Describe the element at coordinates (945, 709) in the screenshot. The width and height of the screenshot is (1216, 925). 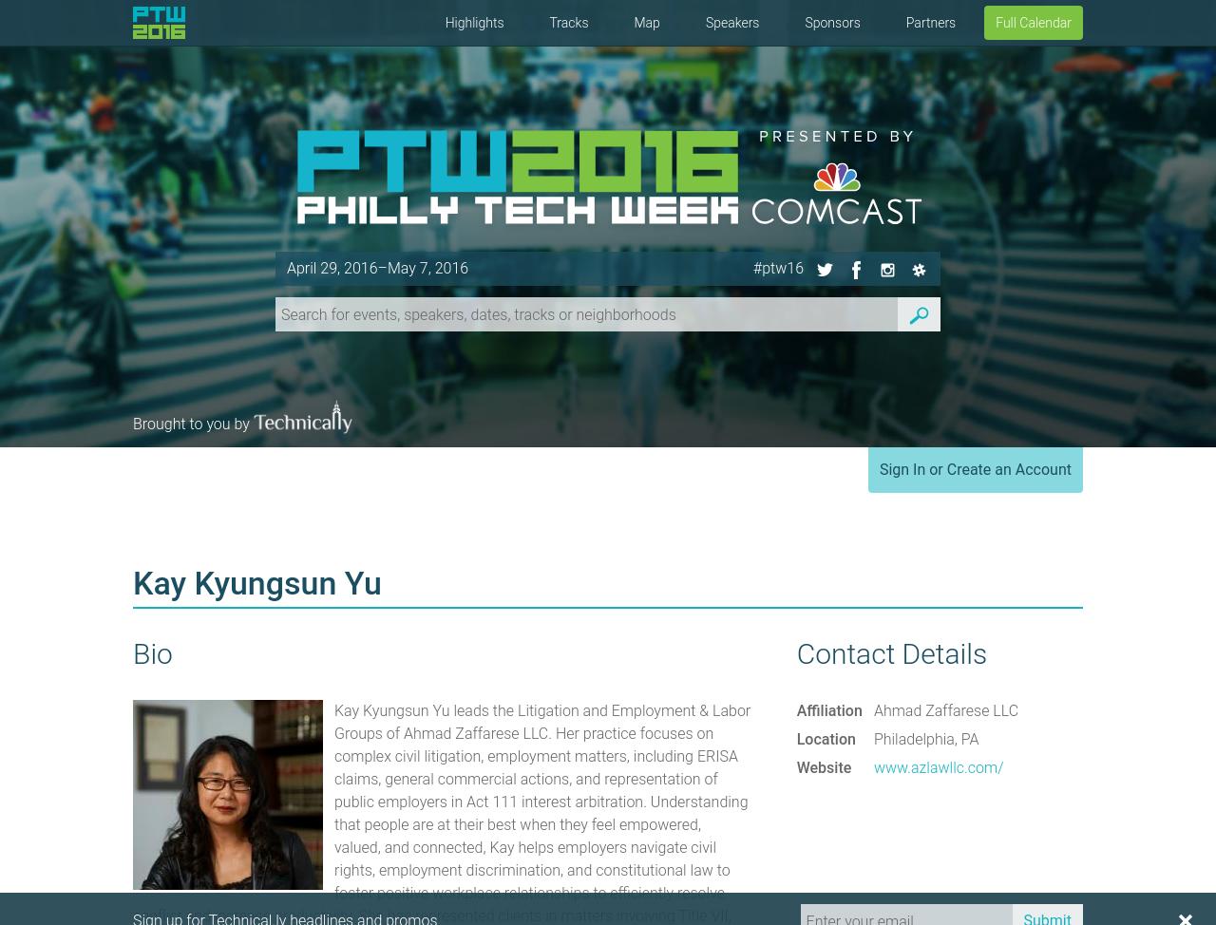
I see `'Ahmad Zaffarese LLC'` at that location.